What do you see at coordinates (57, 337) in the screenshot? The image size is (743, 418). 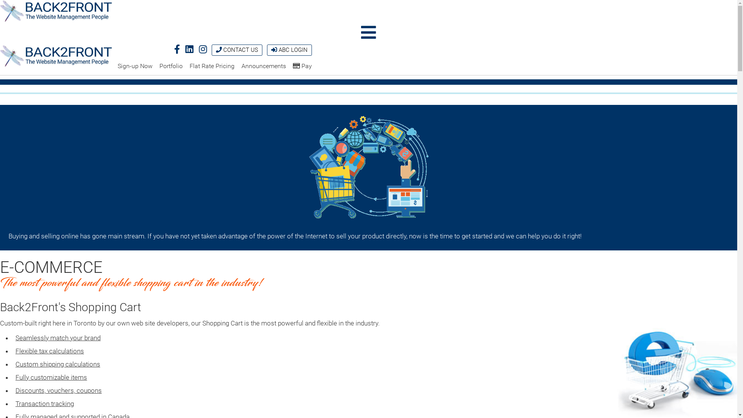 I see `'Seamlessly match your brand'` at bounding box center [57, 337].